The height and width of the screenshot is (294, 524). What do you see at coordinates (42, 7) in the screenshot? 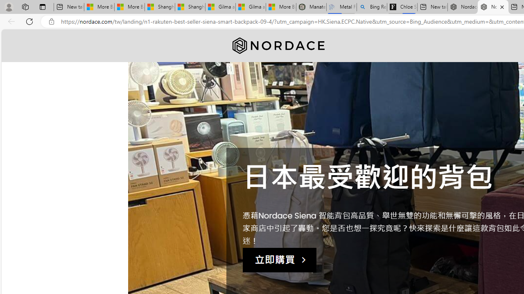
I see `'Tab actions menu'` at bounding box center [42, 7].